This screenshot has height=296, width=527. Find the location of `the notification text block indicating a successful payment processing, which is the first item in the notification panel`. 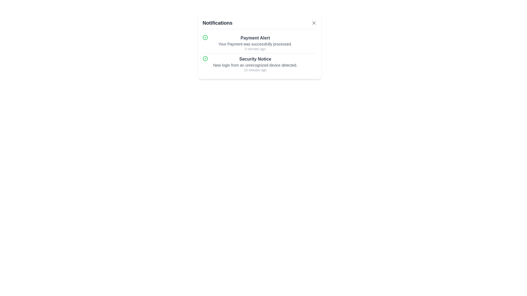

the notification text block indicating a successful payment processing, which is the first item in the notification panel is located at coordinates (255, 43).